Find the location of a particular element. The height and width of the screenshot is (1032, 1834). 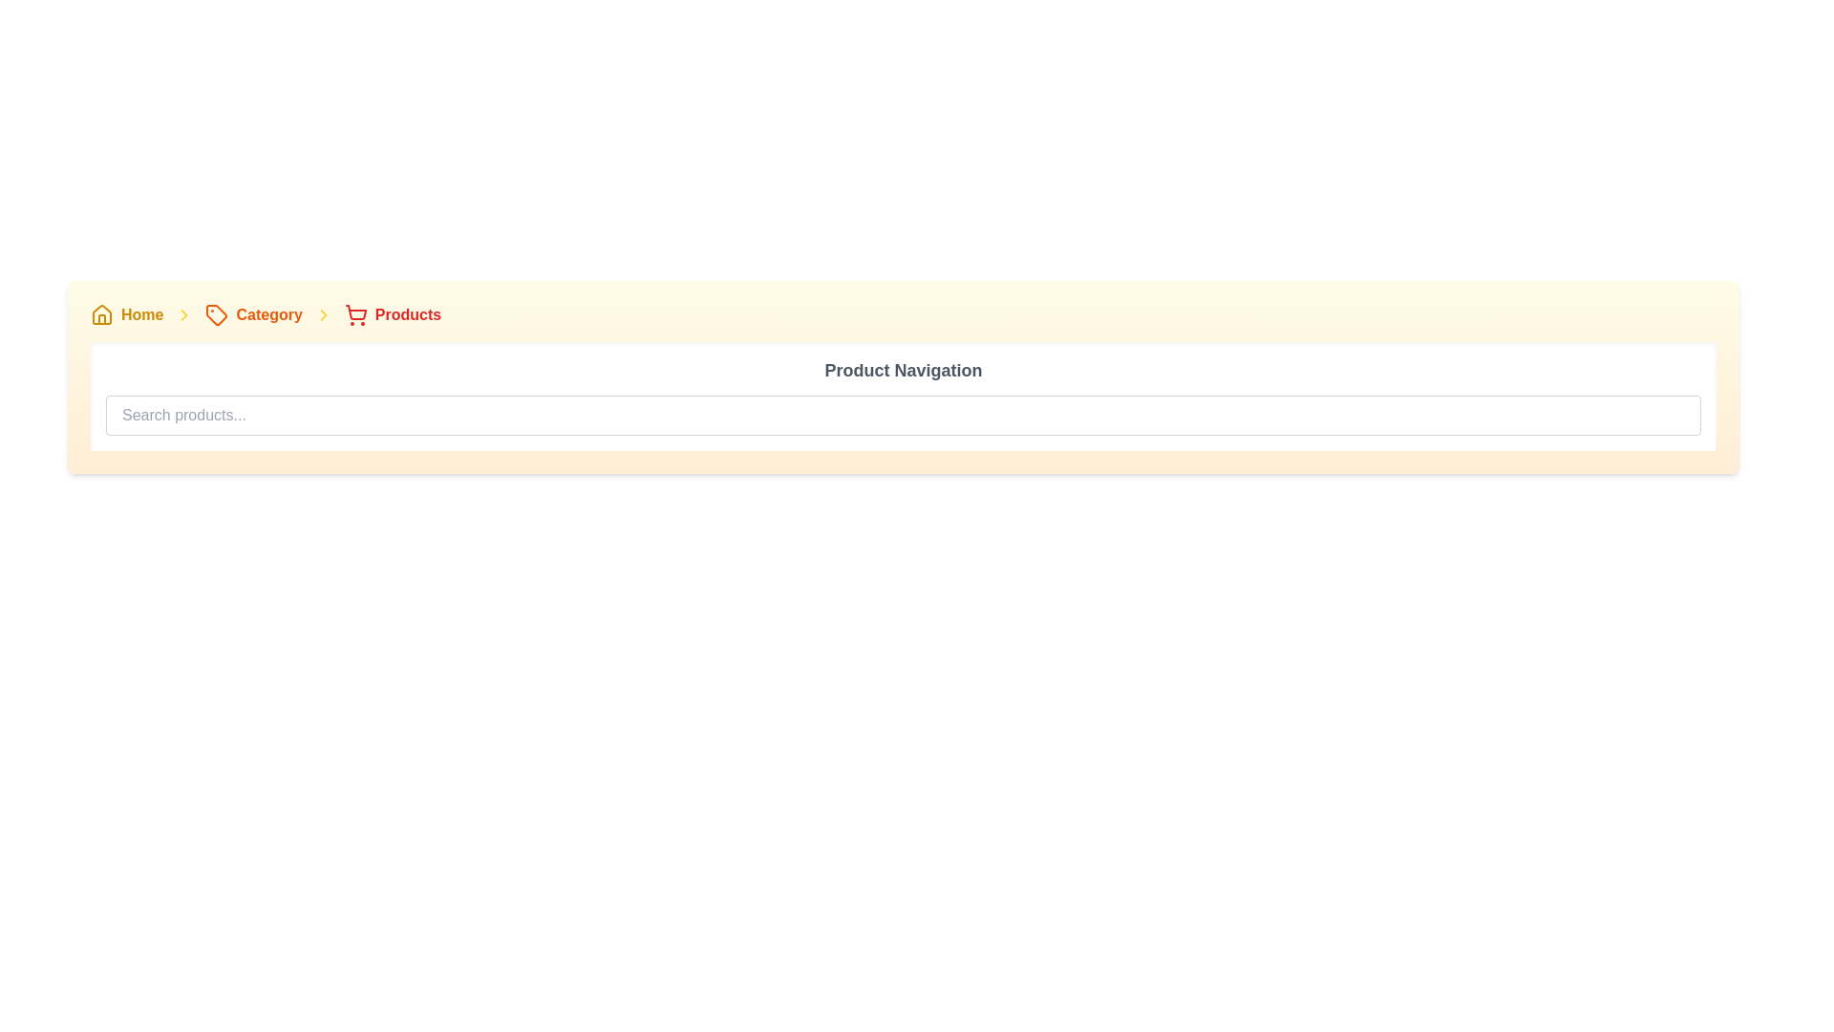

the 'Home' icon graphic located in the breadcrumb navigation bar at the top-left corner of the interface is located at coordinates (100, 312).